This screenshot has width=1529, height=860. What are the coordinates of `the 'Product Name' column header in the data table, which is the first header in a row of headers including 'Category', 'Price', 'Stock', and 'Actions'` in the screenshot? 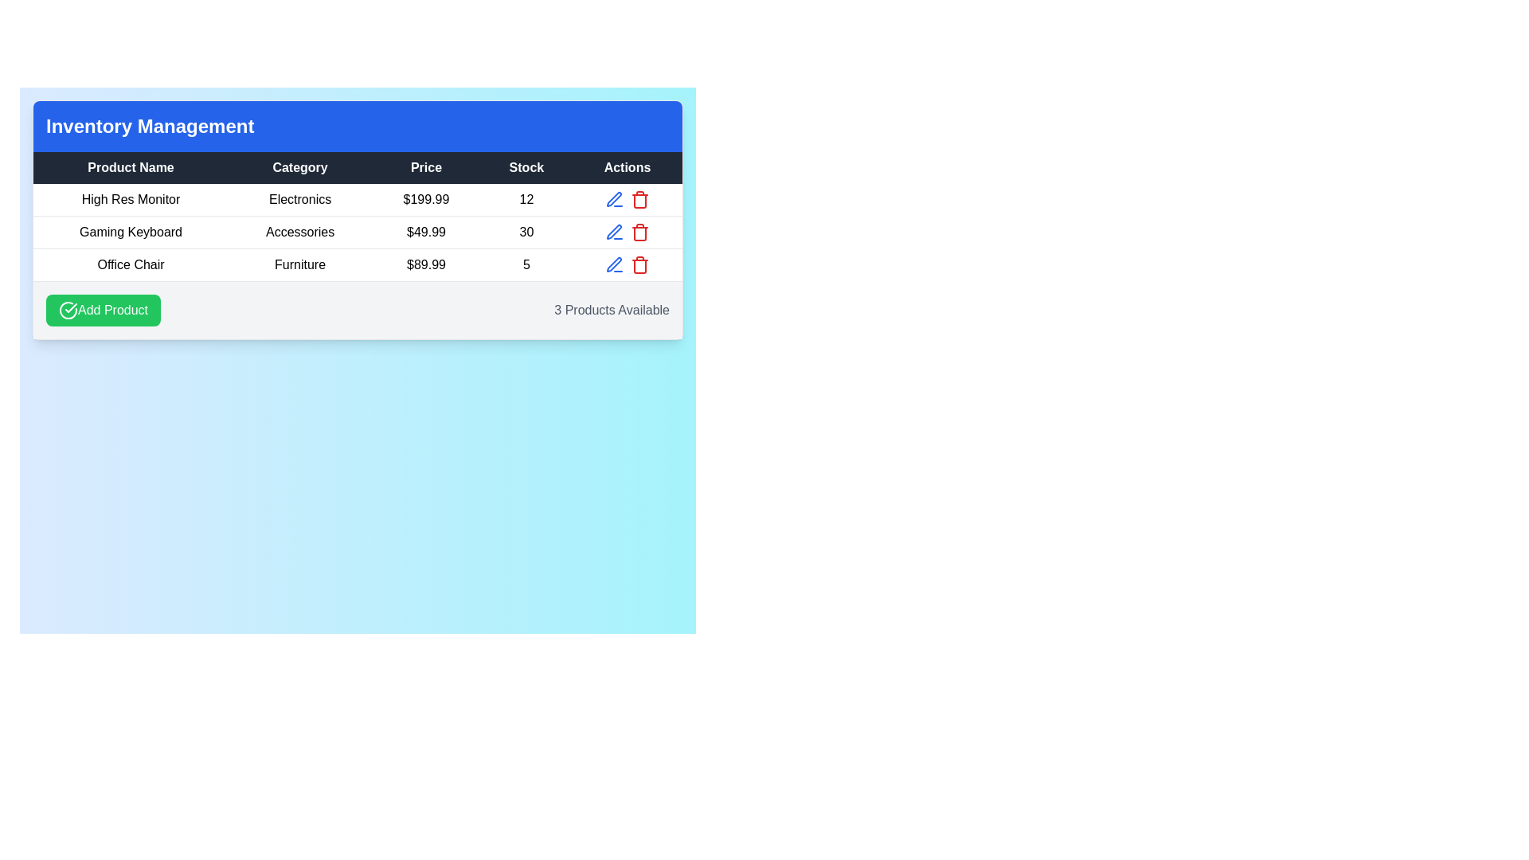 It's located at (131, 168).